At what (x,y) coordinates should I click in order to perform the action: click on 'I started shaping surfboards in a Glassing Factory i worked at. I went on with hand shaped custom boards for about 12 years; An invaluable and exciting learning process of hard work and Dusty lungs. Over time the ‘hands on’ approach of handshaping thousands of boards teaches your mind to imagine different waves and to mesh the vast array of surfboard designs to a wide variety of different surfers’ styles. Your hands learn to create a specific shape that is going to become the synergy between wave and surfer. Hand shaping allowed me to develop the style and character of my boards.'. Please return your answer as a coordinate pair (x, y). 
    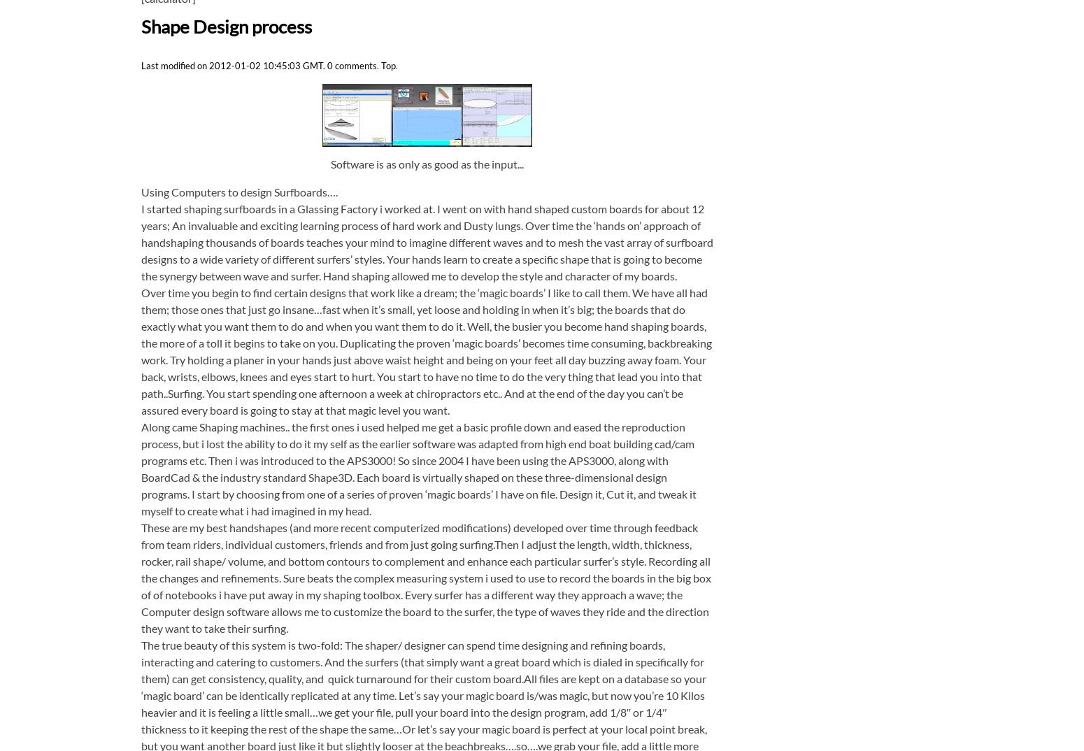
    Looking at the image, I should click on (140, 241).